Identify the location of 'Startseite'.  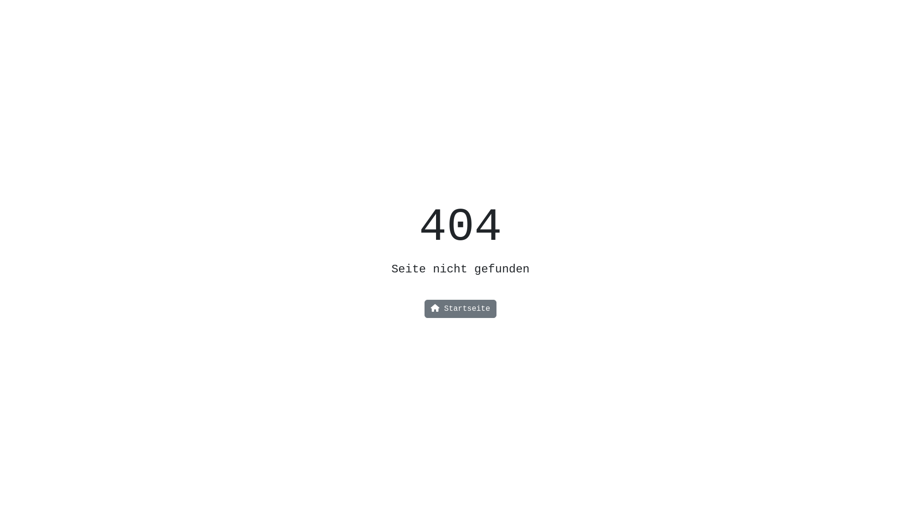
(460, 309).